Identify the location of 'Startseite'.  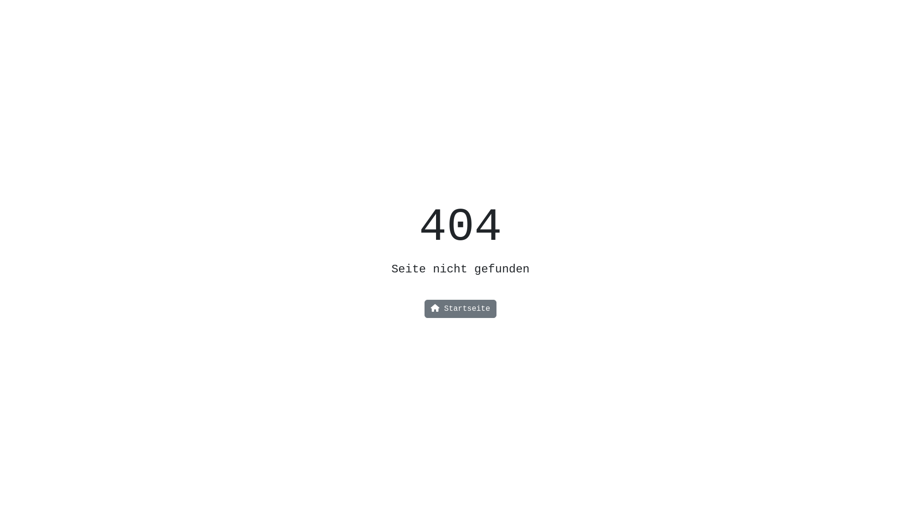
(460, 309).